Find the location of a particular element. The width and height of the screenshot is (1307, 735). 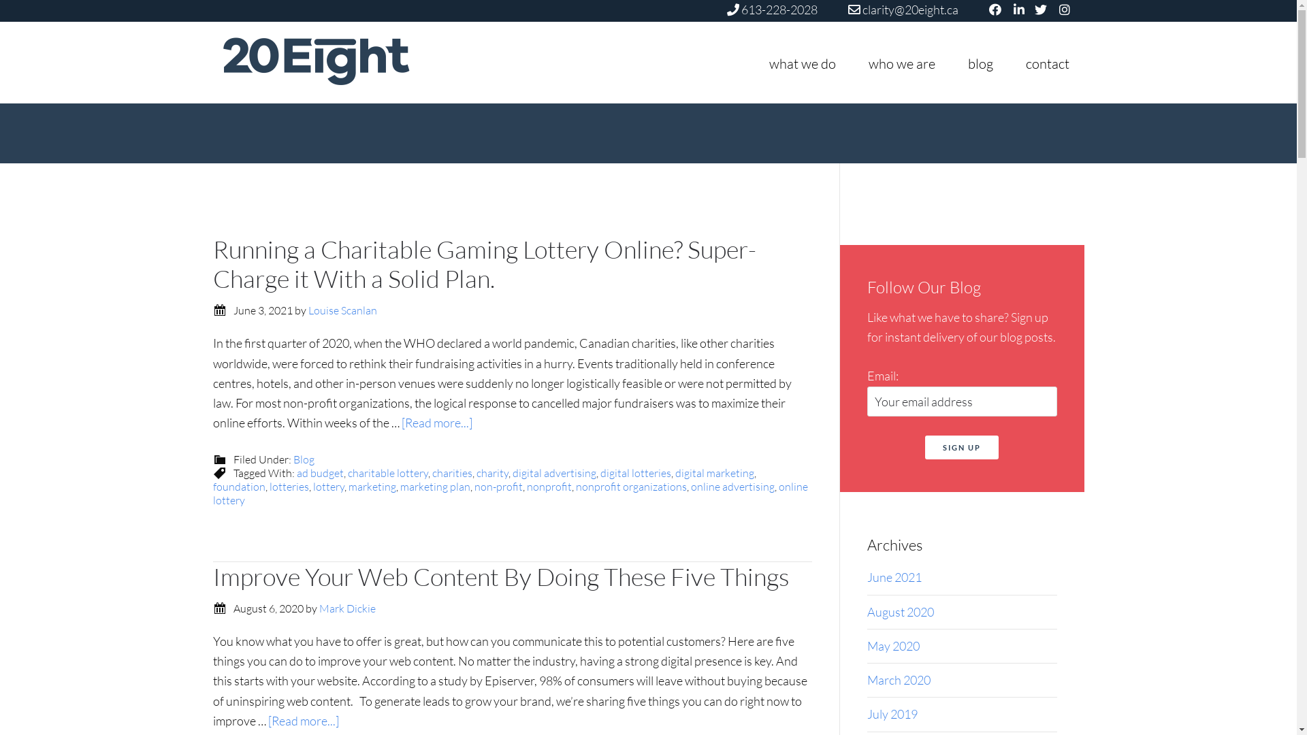

'digital lotteries' is located at coordinates (600, 472).